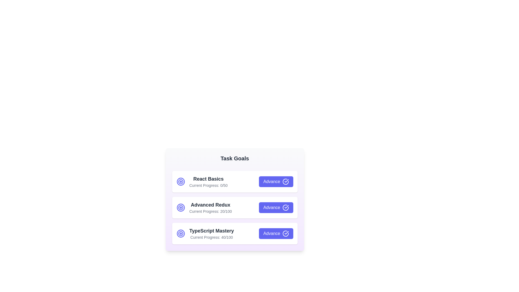 Image resolution: width=519 pixels, height=292 pixels. I want to click on the Text display area that shows the title and progress of 'TypeScript Mastery', which is the third element in the 'Task Goals' card, located between 'Advanced Redux' and the 'Advance' button, so click(205, 233).